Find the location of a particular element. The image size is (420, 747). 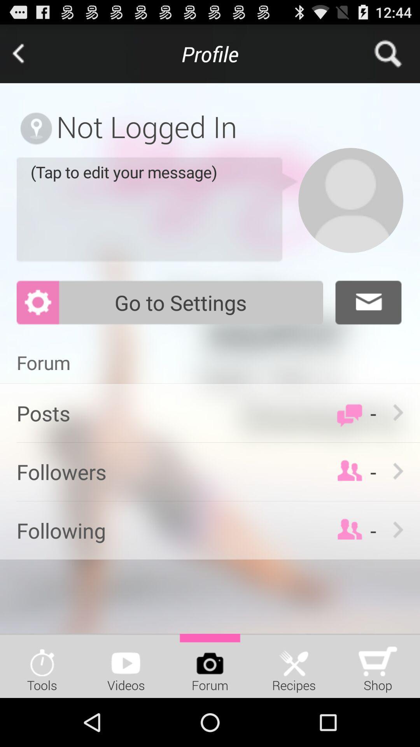

the search icon is located at coordinates (390, 57).